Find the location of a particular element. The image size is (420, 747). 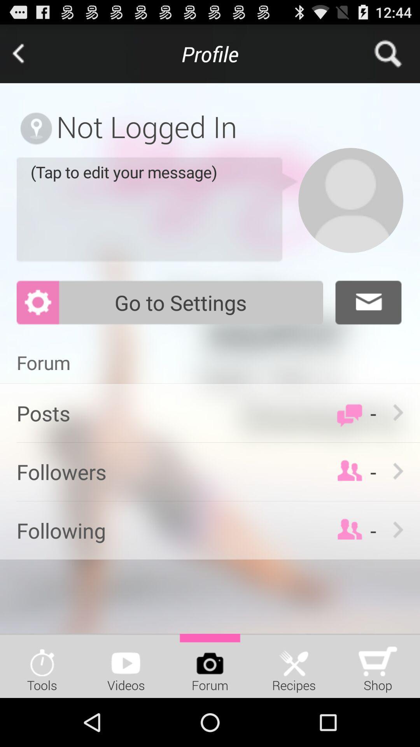

the search icon is located at coordinates (390, 57).